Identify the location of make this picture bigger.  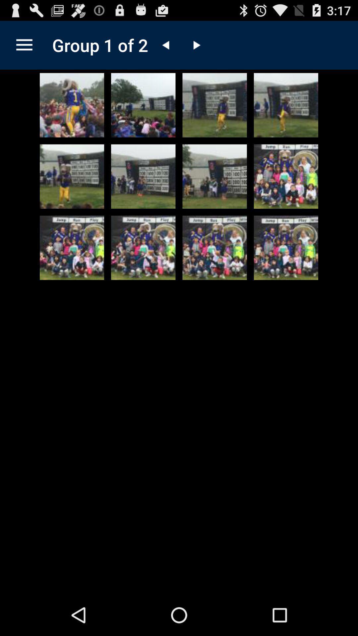
(285, 105).